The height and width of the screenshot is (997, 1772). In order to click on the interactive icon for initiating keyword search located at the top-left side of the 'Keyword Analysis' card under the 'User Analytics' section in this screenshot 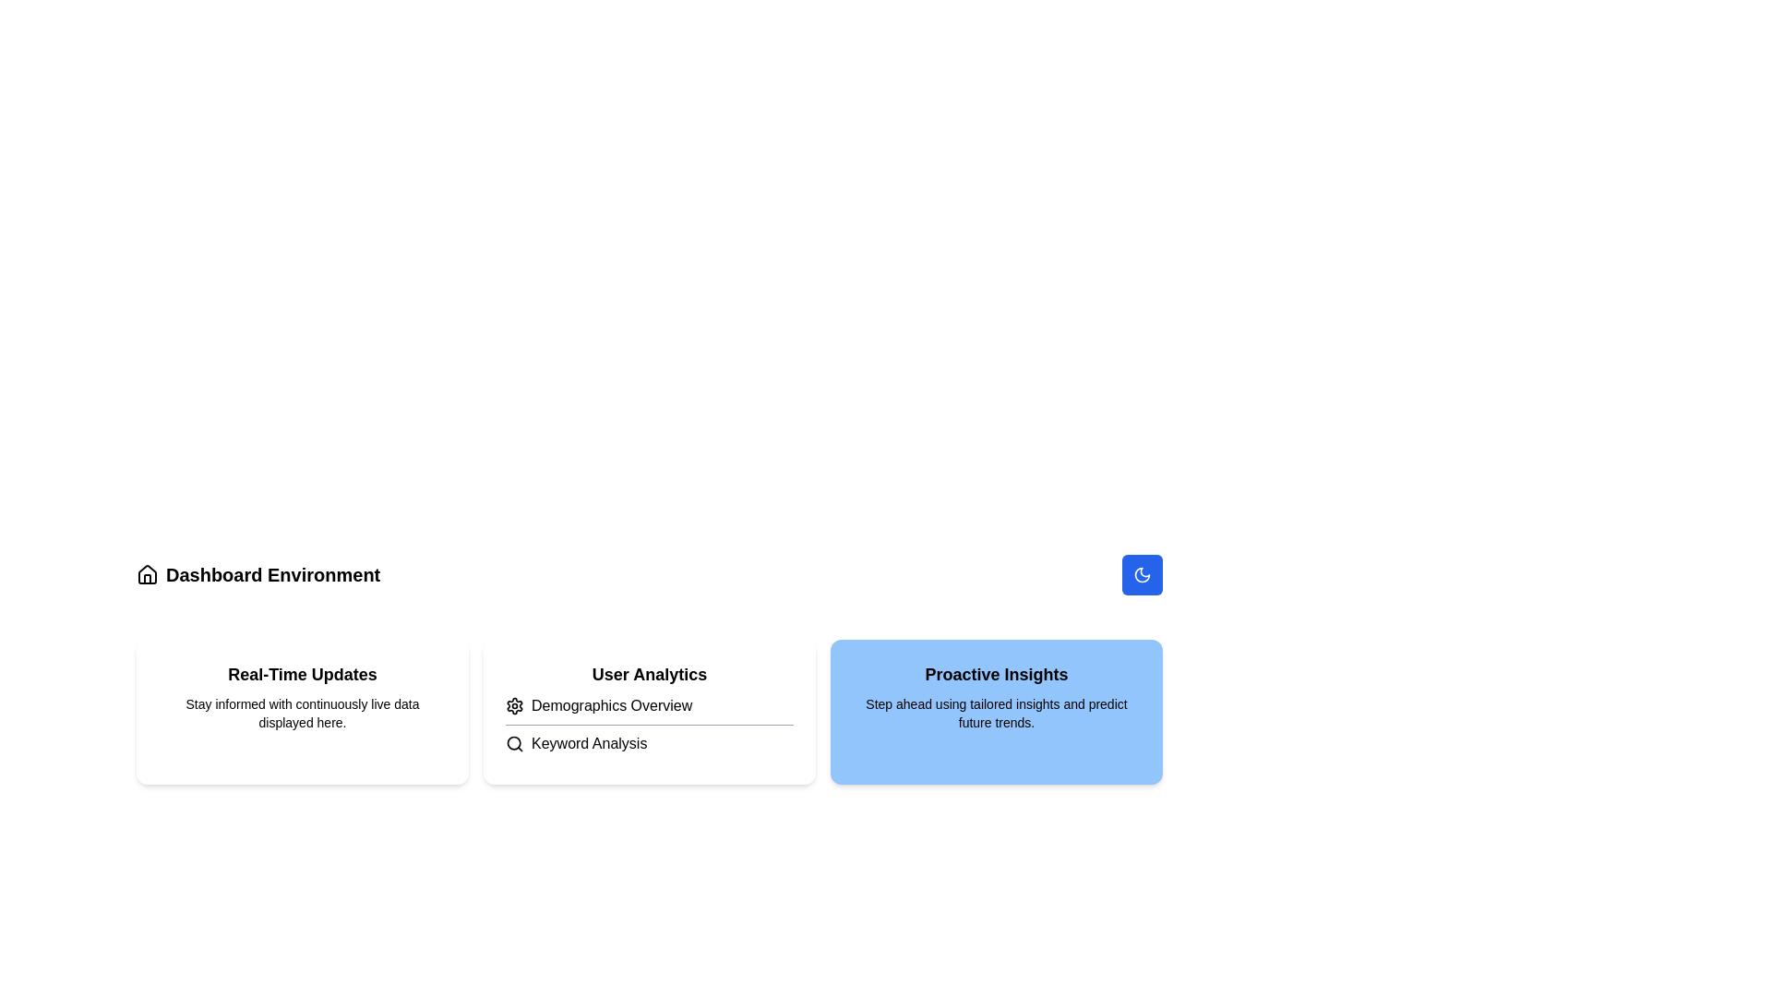, I will do `click(514, 743)`.